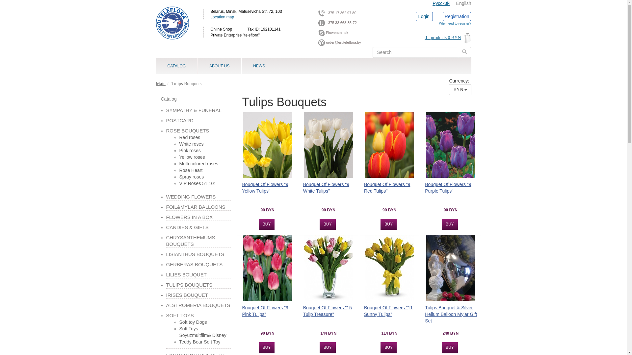 The image size is (632, 355). Describe the element at coordinates (199, 342) in the screenshot. I see `'Teddy Bear Soft Toy'` at that location.